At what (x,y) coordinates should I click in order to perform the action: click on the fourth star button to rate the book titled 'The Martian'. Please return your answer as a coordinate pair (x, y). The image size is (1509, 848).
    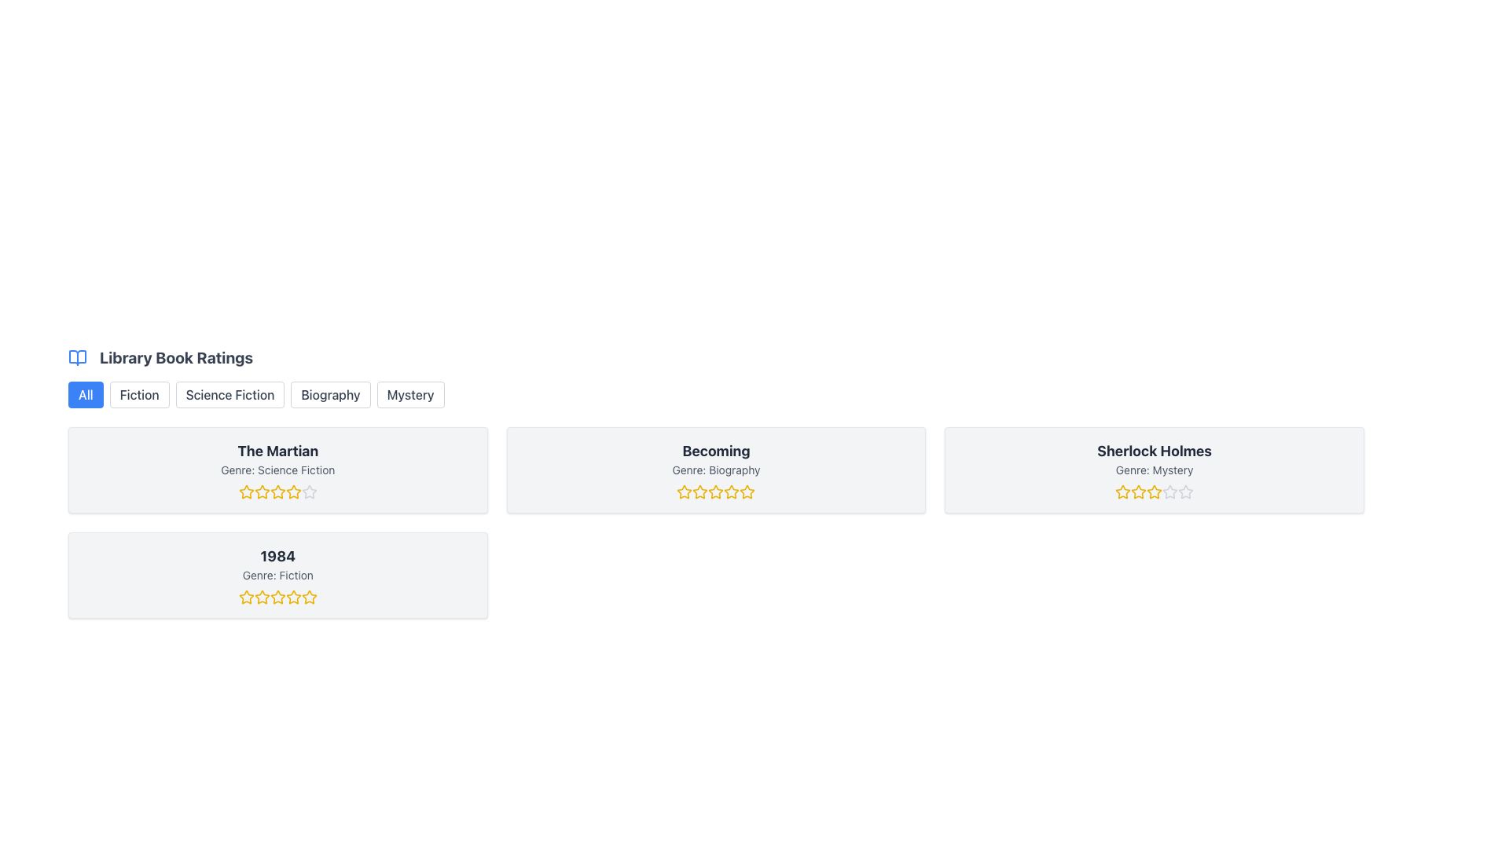
    Looking at the image, I should click on (293, 492).